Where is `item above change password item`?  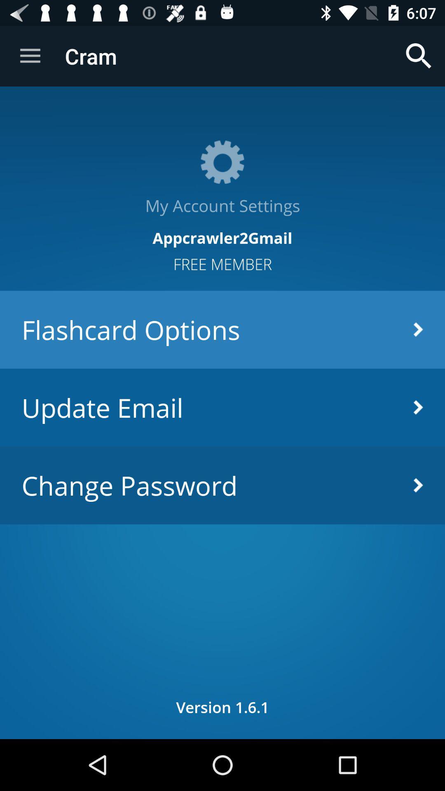 item above change password item is located at coordinates (222, 407).